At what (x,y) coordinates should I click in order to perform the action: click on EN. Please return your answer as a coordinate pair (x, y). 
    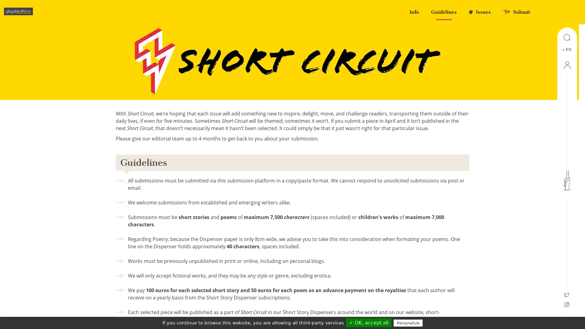
    Looking at the image, I should click on (566, 49).